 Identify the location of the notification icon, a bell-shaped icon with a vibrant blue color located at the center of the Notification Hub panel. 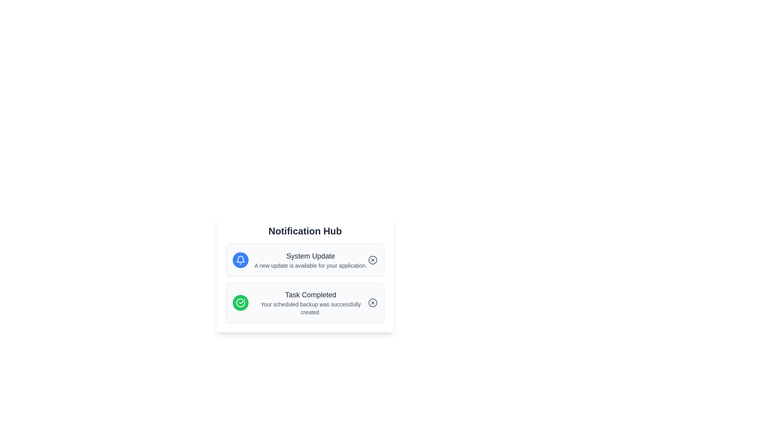
(240, 260).